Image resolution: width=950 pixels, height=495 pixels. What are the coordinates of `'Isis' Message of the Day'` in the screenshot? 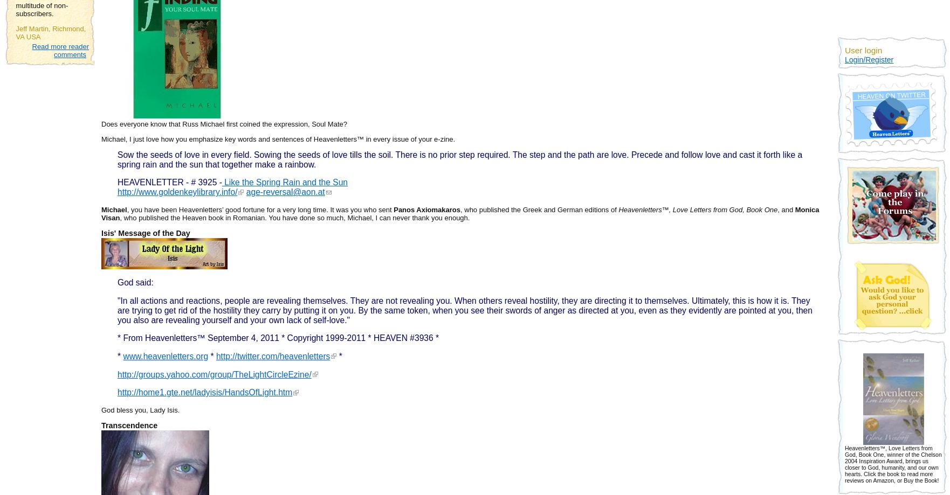 It's located at (145, 233).